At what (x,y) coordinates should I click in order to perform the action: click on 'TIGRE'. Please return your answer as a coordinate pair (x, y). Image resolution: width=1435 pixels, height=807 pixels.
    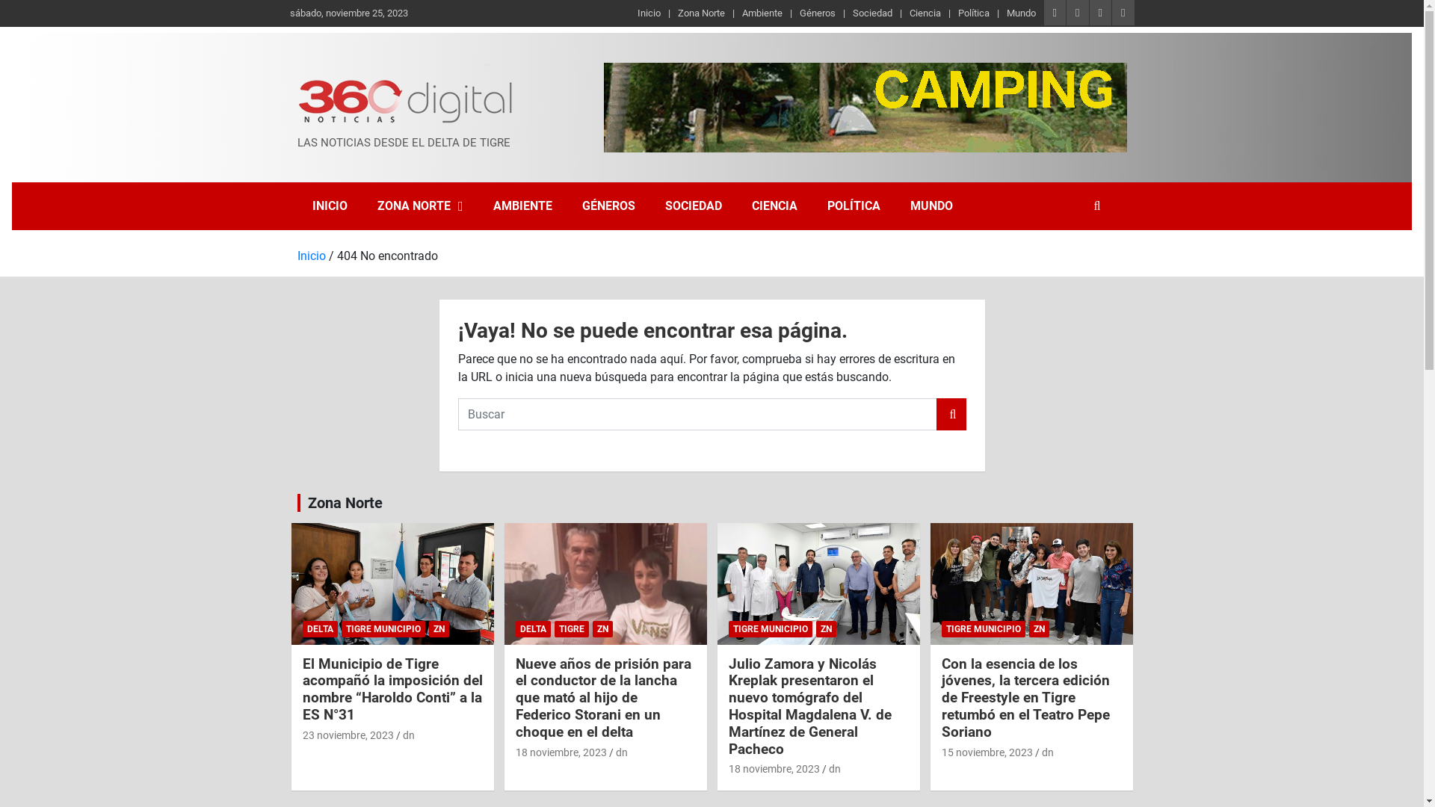
    Looking at the image, I should click on (554, 628).